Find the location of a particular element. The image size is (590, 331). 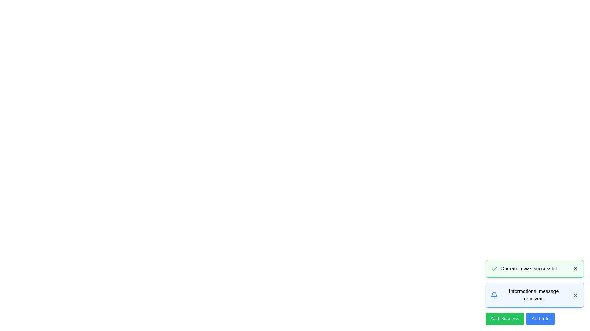

the 'X' button located in the top-right corner of the blue notification box is located at coordinates (575, 295).